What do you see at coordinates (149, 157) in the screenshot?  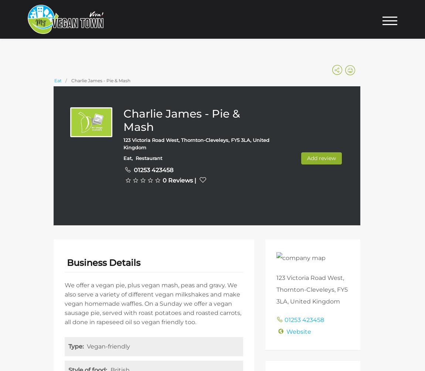 I see `'Restaurant'` at bounding box center [149, 157].